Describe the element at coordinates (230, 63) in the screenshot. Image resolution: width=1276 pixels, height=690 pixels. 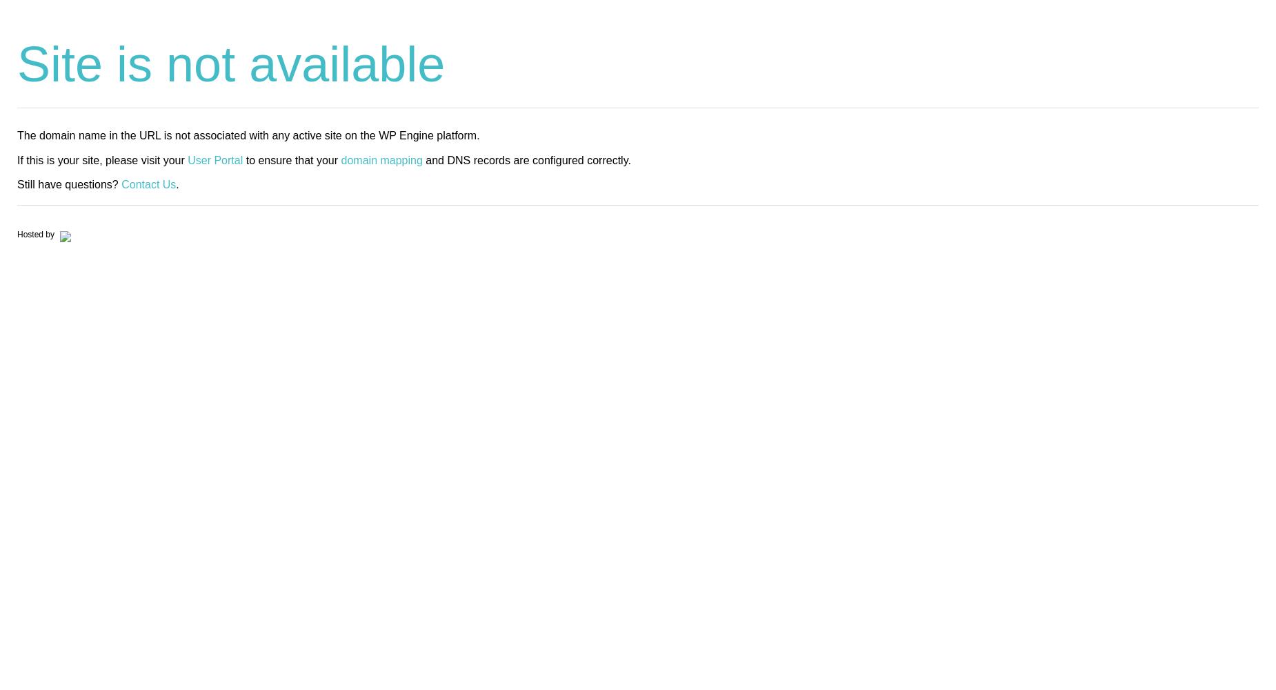
I see `'Site is not available'` at that location.